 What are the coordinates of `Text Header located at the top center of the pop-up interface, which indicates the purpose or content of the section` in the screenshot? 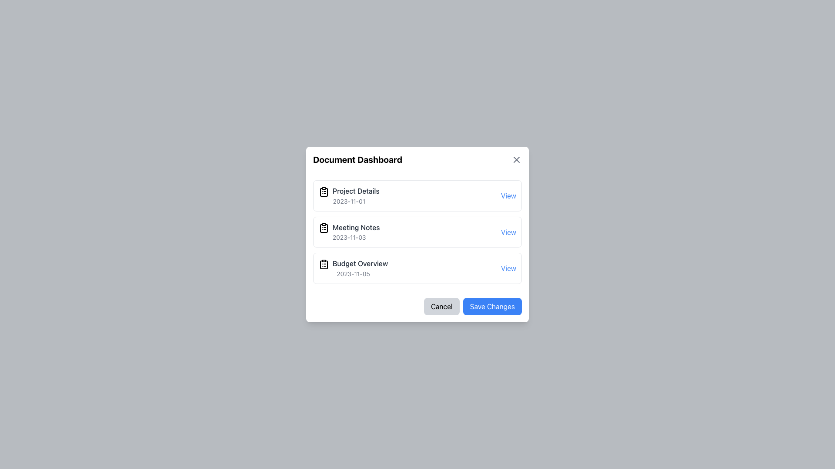 It's located at (357, 159).